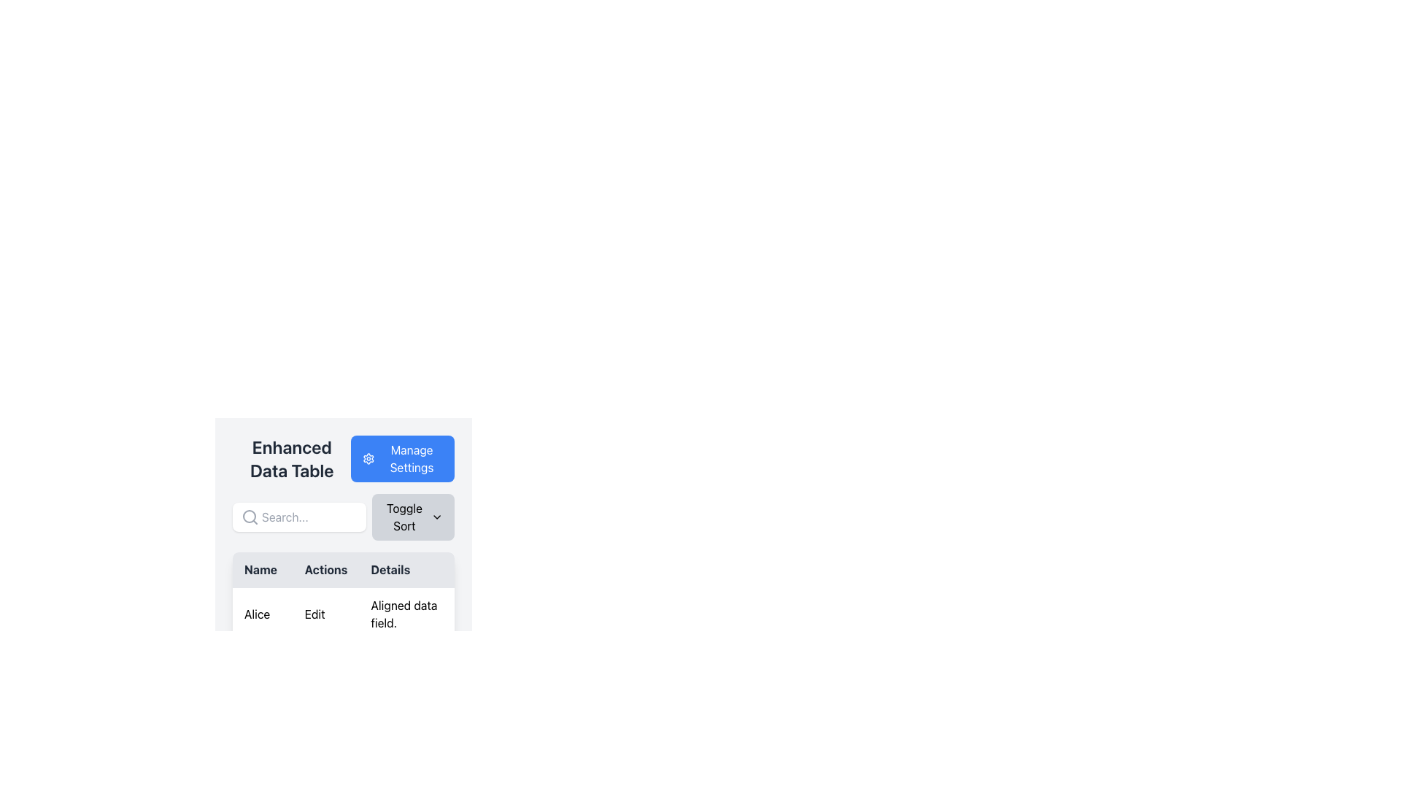 This screenshot has height=788, width=1401. What do you see at coordinates (249, 516) in the screenshot?
I see `the search icon by clicking on the magnifying glass handle, which is represented by a small circular outline located in the top left area of the interface` at bounding box center [249, 516].